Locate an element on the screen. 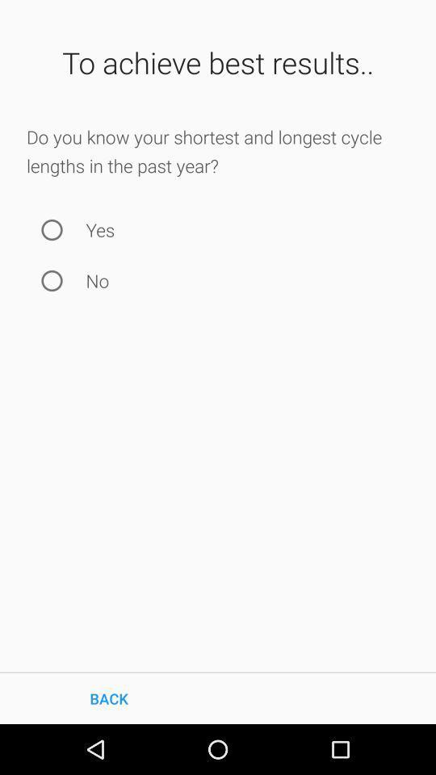 This screenshot has height=775, width=436. no is located at coordinates (52, 281).